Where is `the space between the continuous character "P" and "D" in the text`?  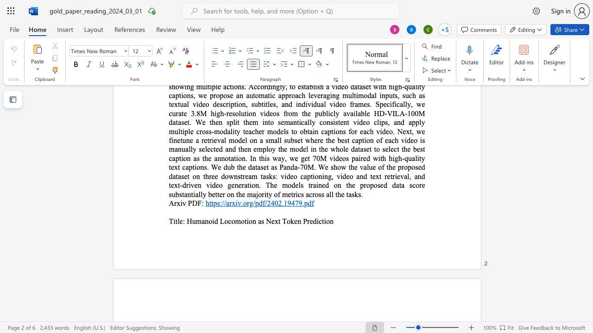 the space between the continuous character "P" and "D" in the text is located at coordinates (192, 203).